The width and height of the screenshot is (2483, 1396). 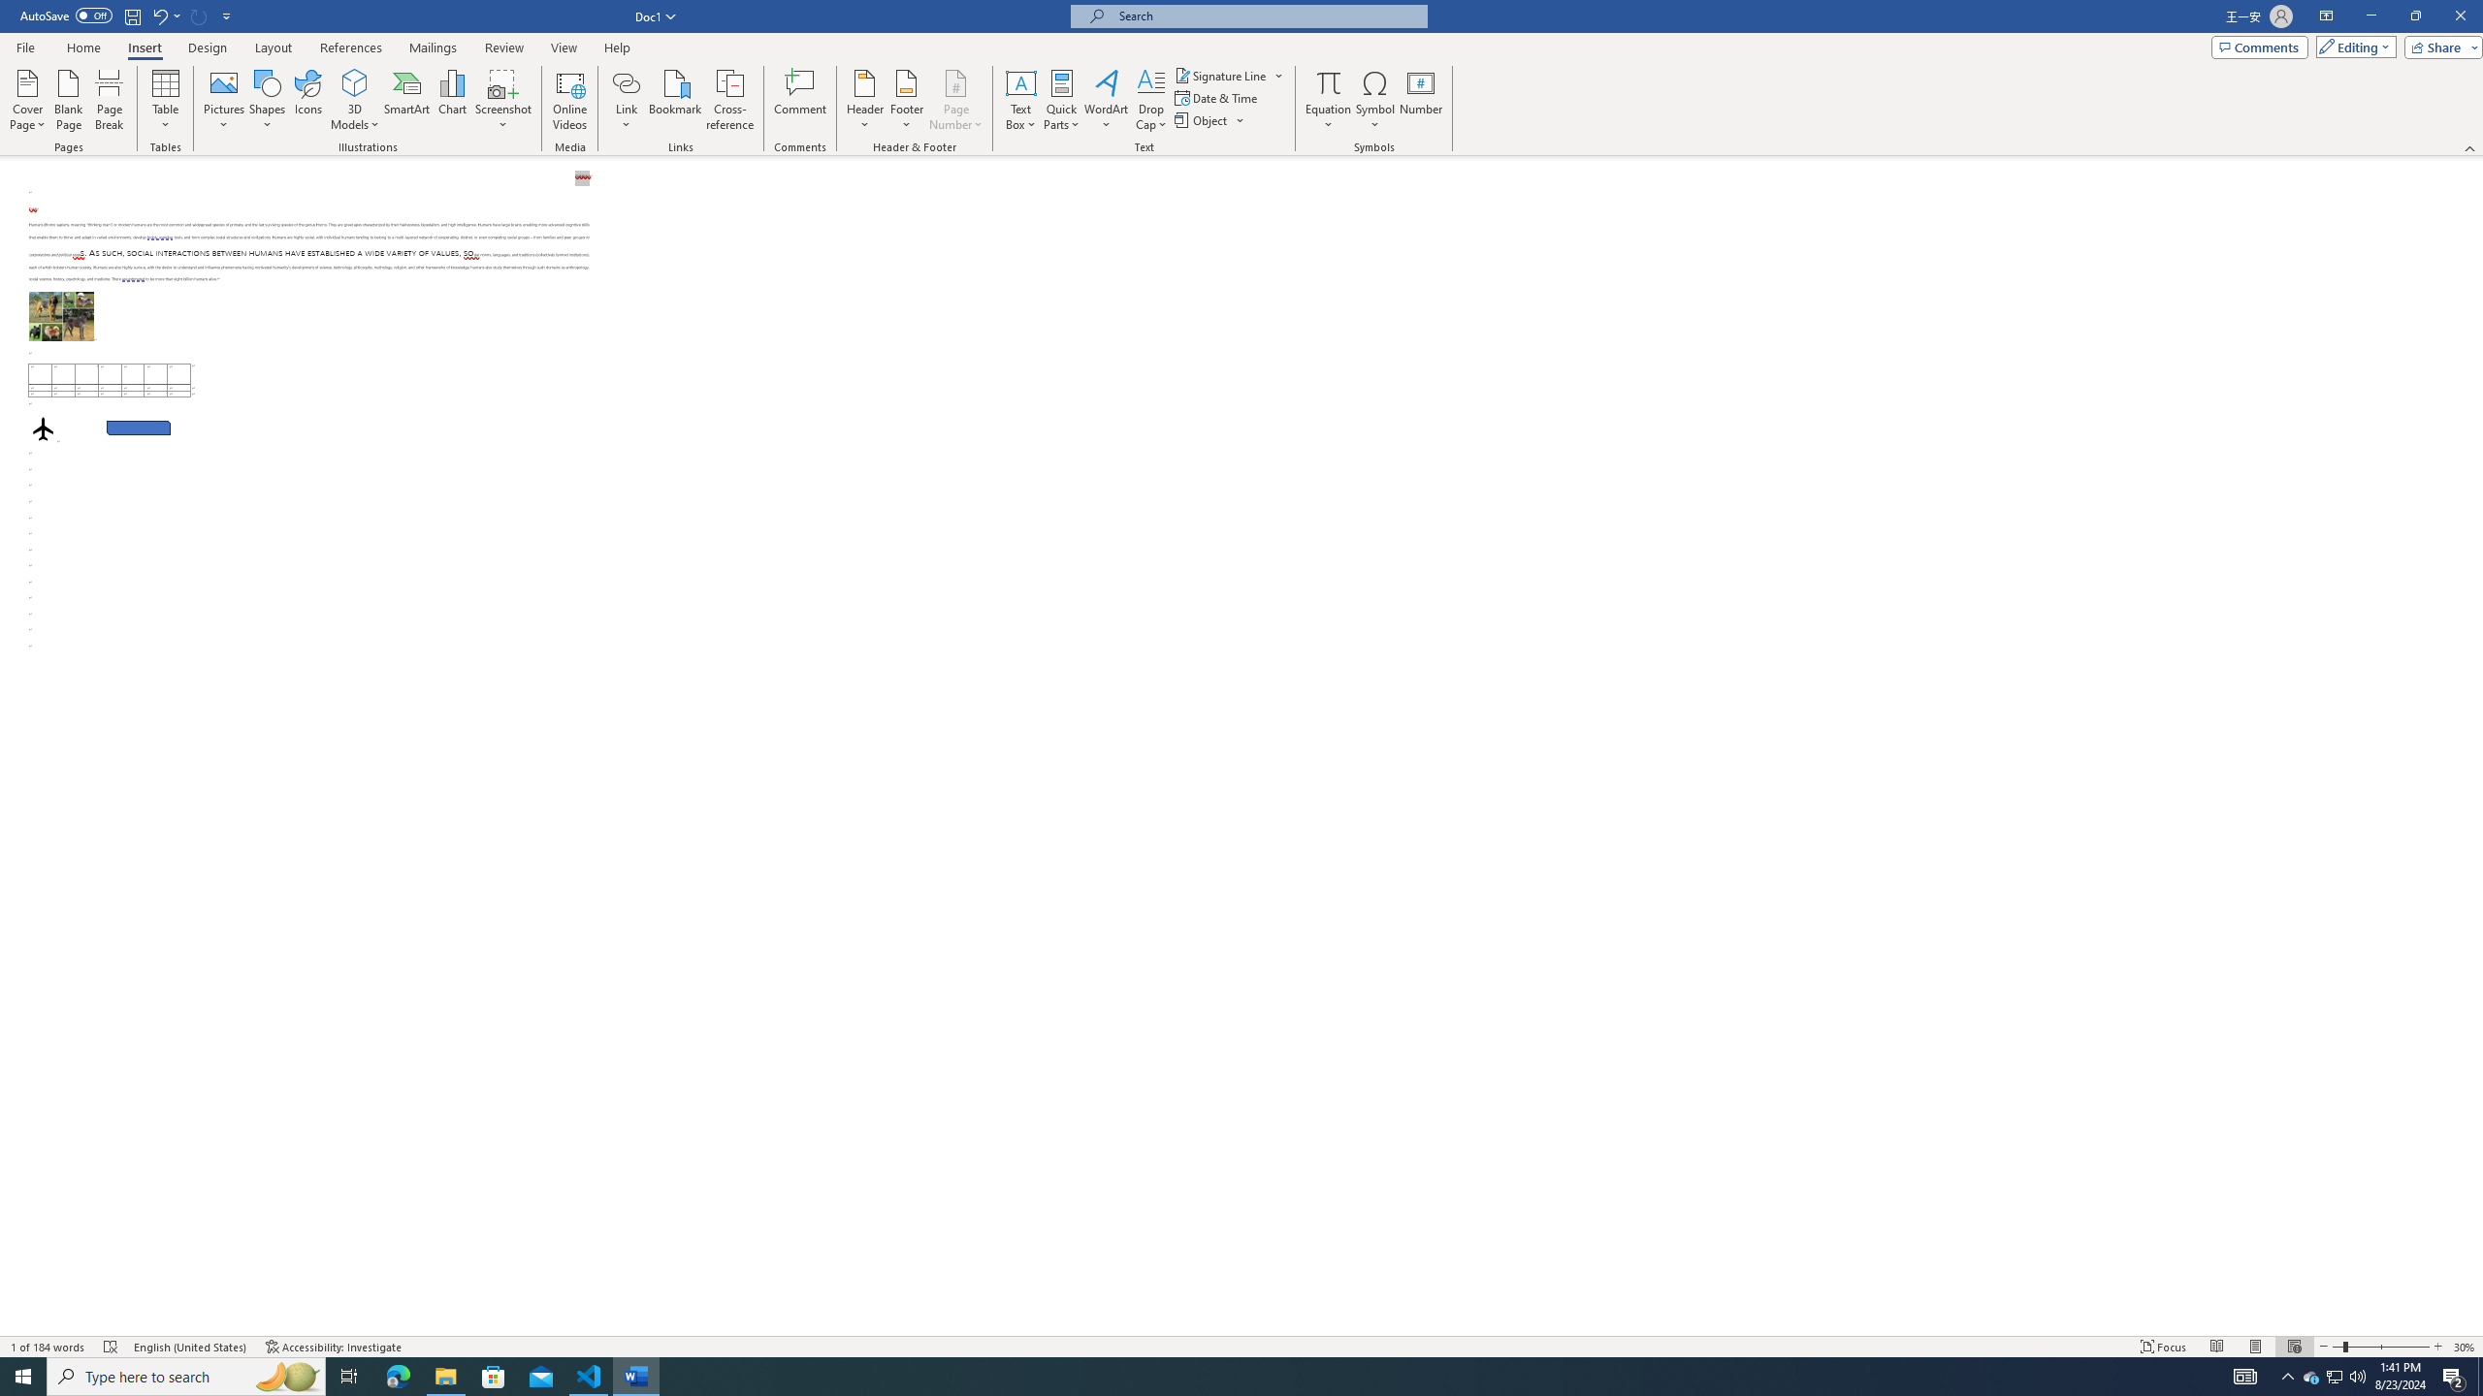 What do you see at coordinates (905, 100) in the screenshot?
I see `'Footer'` at bounding box center [905, 100].